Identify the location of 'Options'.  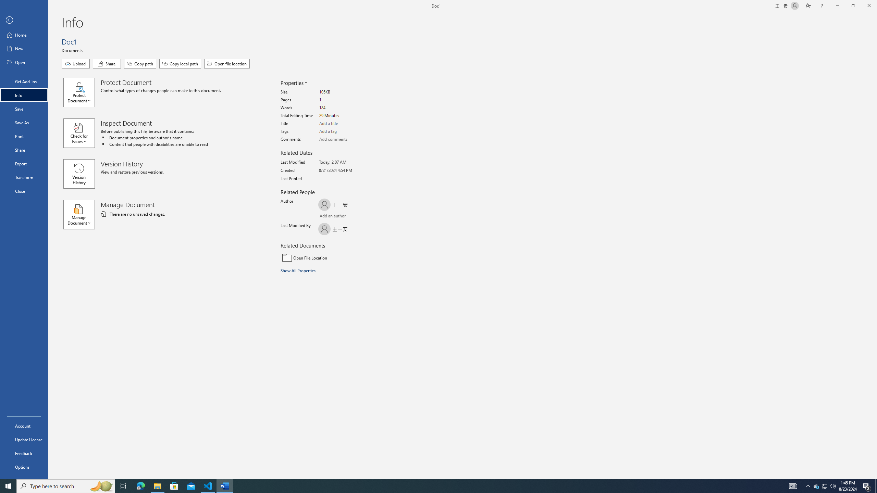
(24, 467).